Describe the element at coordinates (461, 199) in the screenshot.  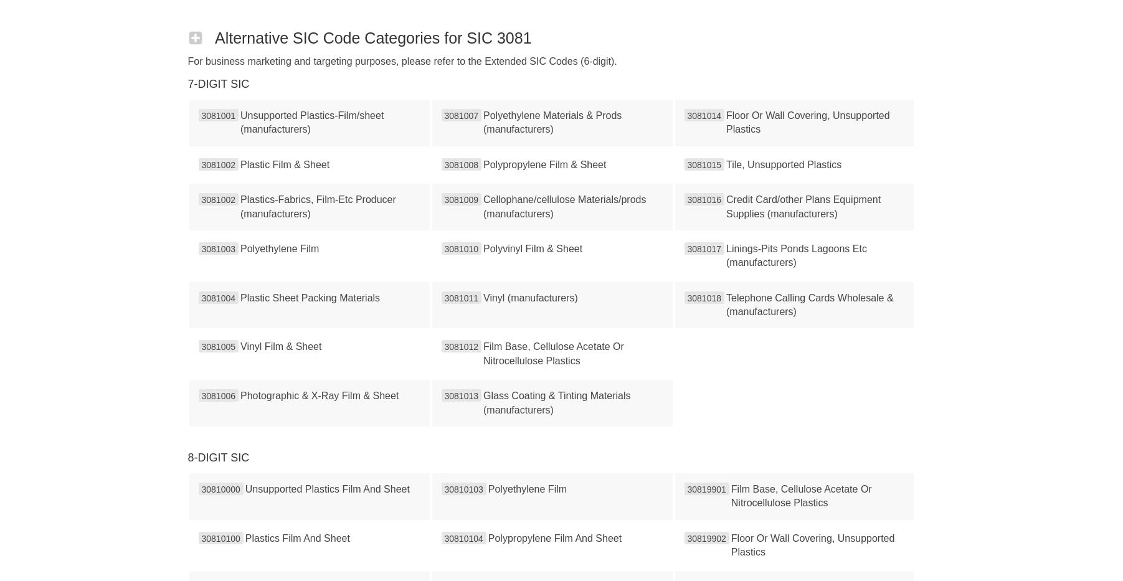
I see `'3081009'` at that location.